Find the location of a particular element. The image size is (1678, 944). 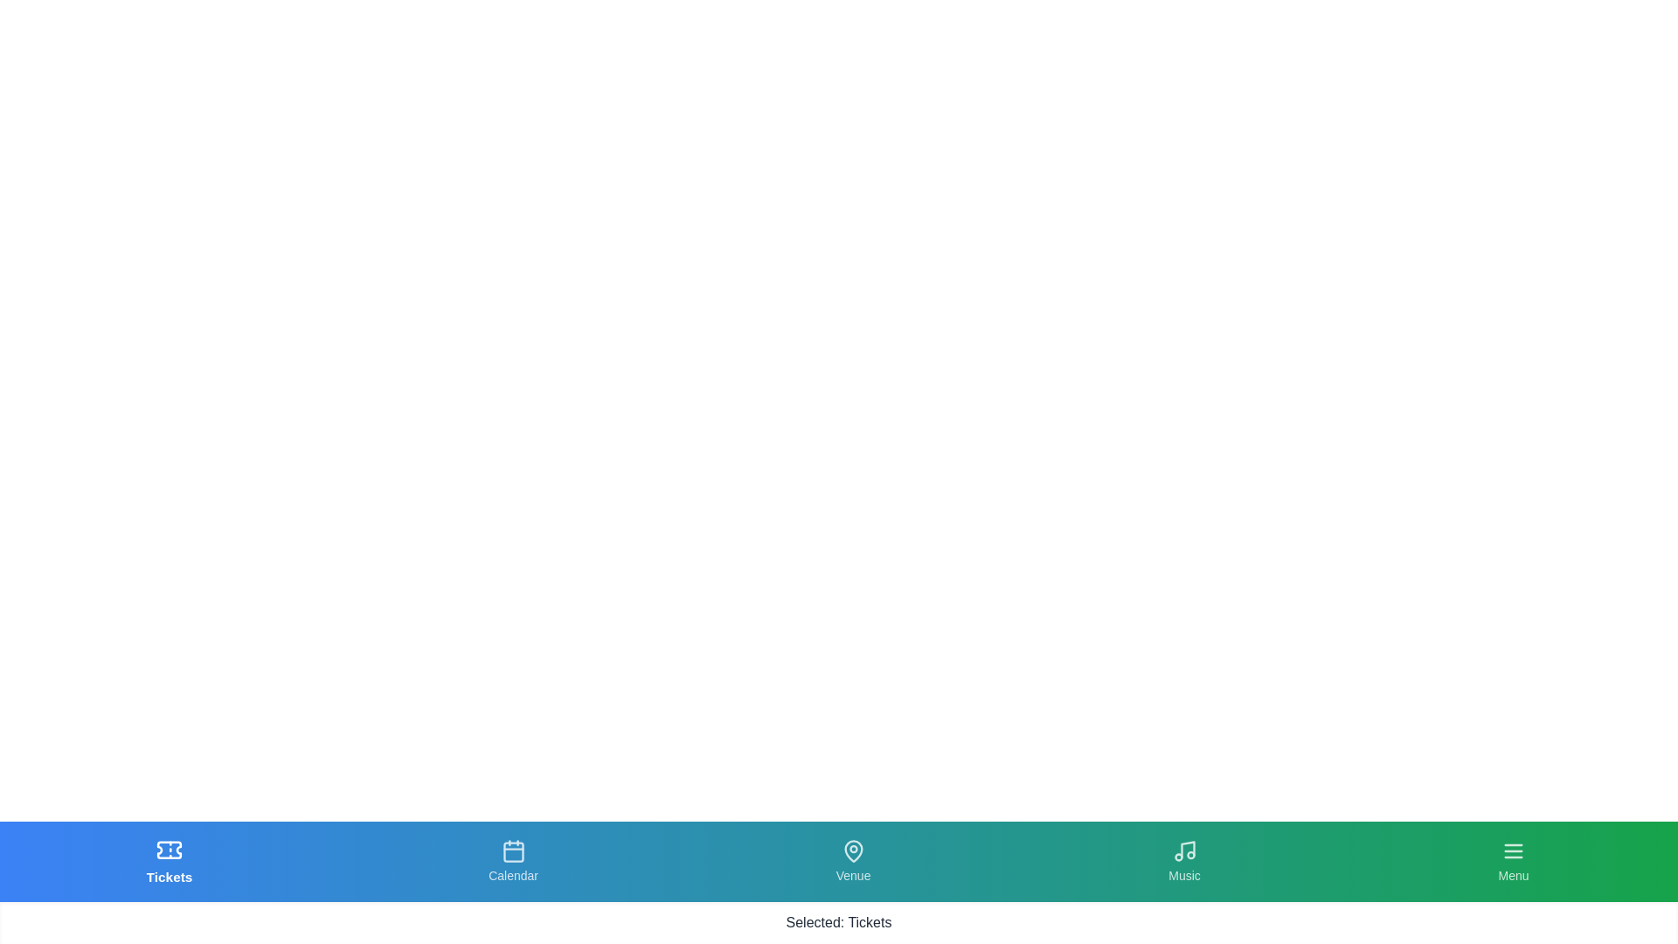

the tab labeled Calendar to observe its hover effect is located at coordinates (512, 861).